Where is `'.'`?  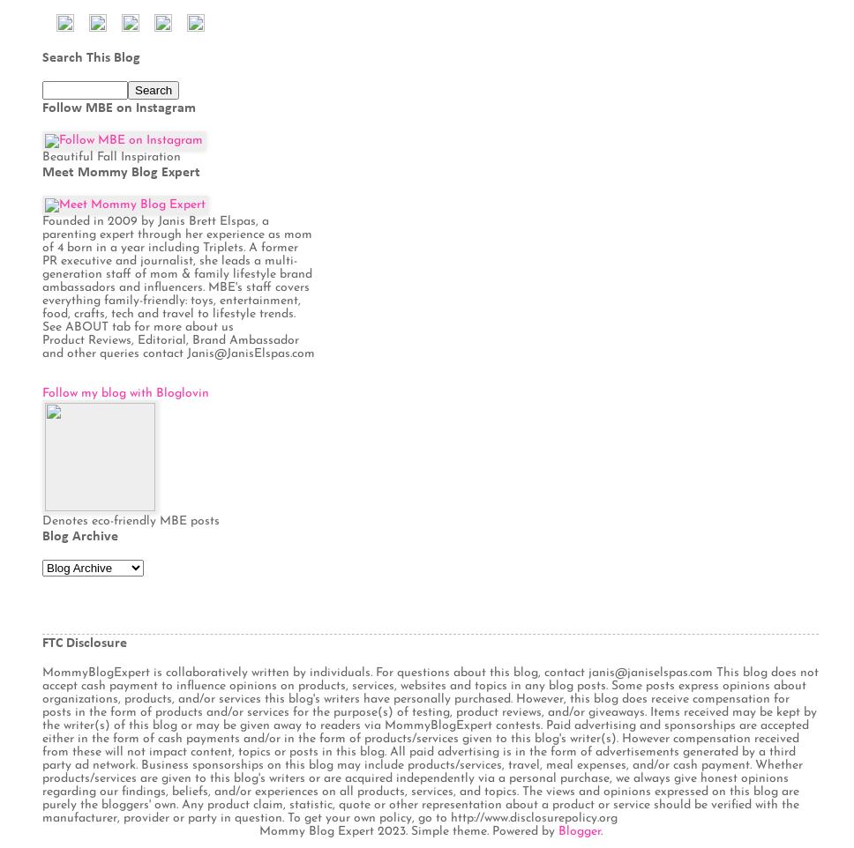
'.' is located at coordinates (600, 830).